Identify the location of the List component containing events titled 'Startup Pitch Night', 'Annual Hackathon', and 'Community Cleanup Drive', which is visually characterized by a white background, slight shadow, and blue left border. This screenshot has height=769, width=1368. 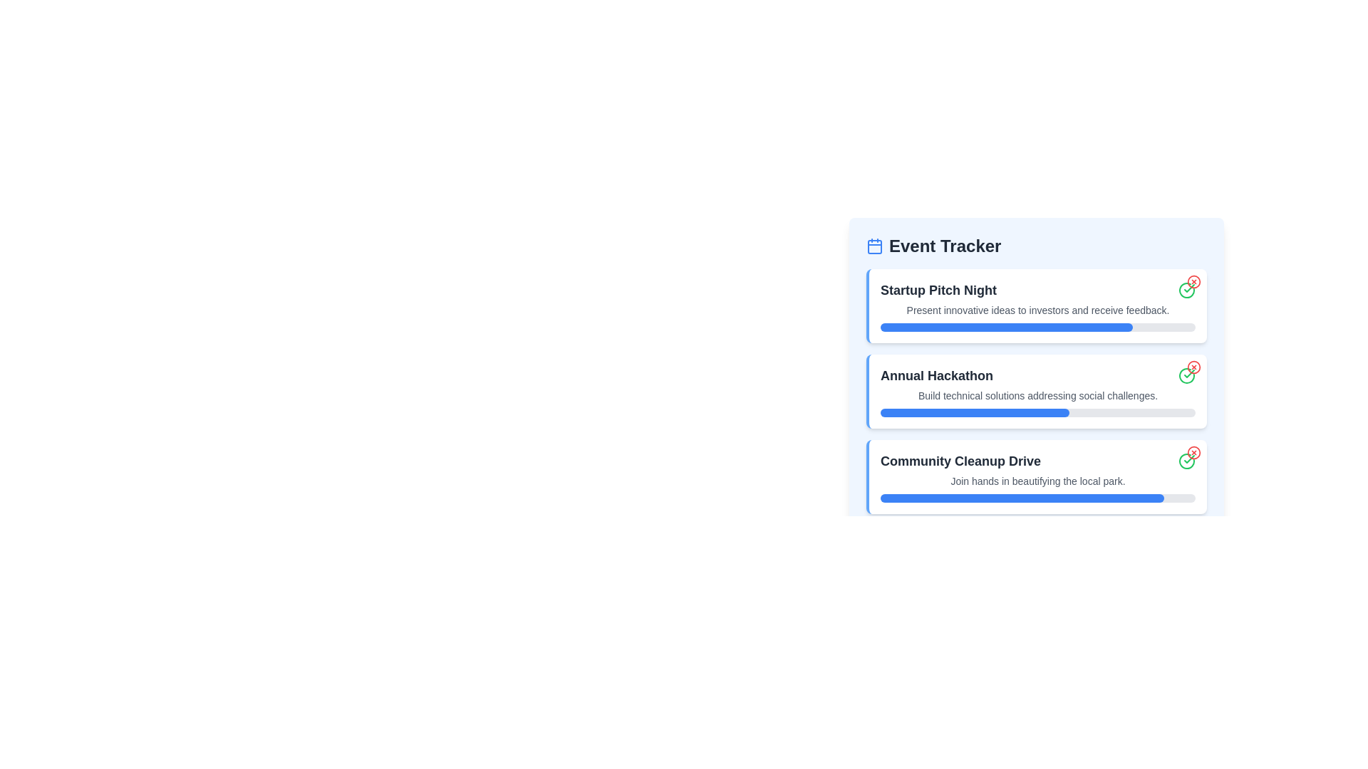
(1036, 392).